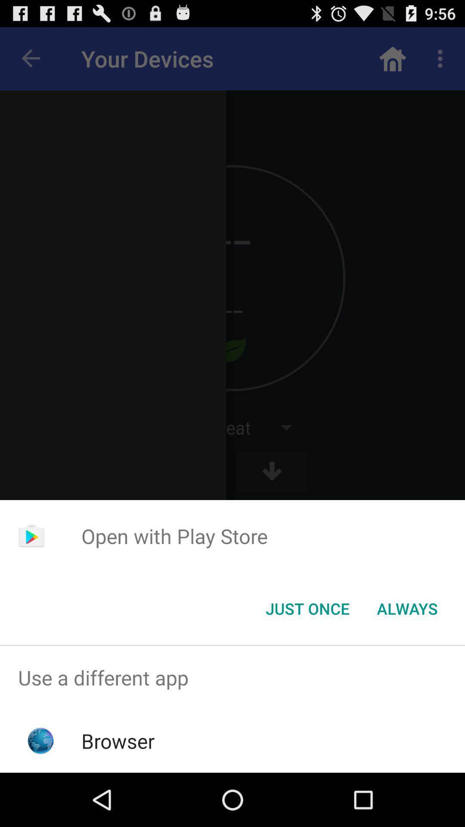 This screenshot has height=827, width=465. Describe the element at coordinates (307, 608) in the screenshot. I see `just once button` at that location.